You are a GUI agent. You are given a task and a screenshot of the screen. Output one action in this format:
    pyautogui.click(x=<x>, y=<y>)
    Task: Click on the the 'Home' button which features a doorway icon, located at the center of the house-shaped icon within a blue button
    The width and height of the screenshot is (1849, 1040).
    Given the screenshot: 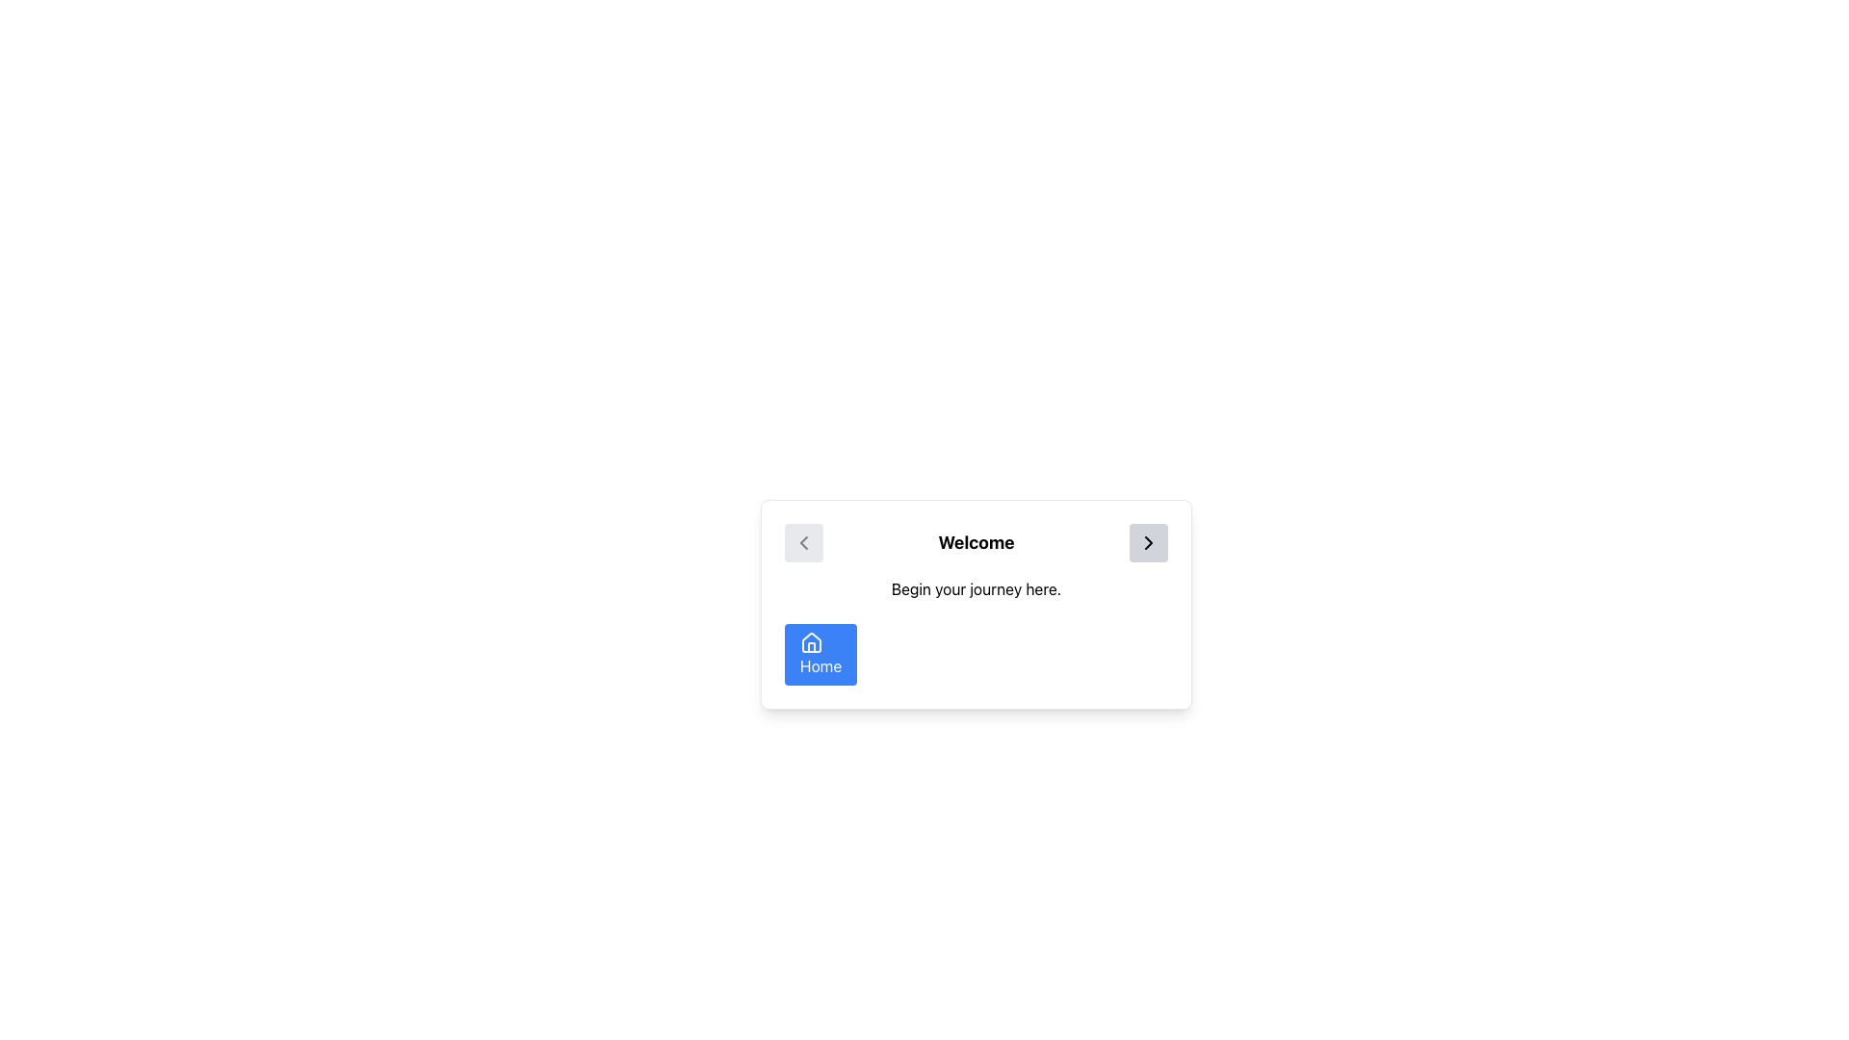 What is the action you would take?
    pyautogui.click(x=812, y=647)
    